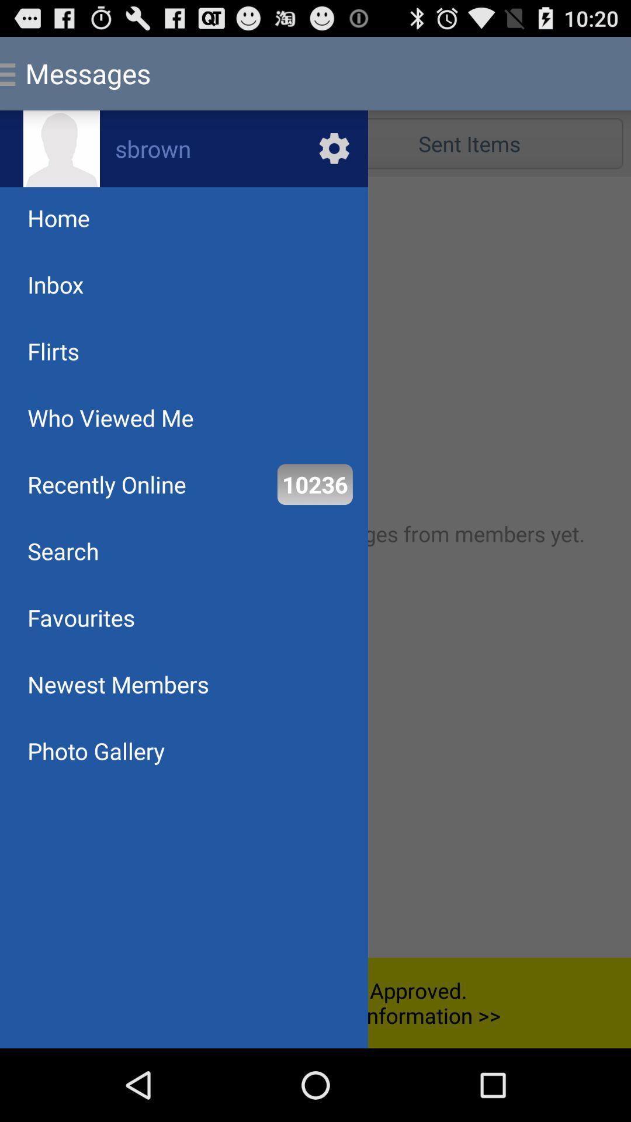 This screenshot has height=1122, width=631. Describe the element at coordinates (53, 351) in the screenshot. I see `the app above the who viewed me app` at that location.